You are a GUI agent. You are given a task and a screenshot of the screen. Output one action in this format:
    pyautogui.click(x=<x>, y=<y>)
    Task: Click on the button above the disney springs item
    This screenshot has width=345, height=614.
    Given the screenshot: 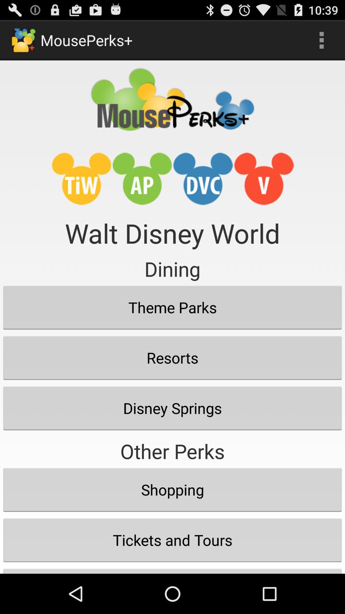 What is the action you would take?
    pyautogui.click(x=172, y=357)
    